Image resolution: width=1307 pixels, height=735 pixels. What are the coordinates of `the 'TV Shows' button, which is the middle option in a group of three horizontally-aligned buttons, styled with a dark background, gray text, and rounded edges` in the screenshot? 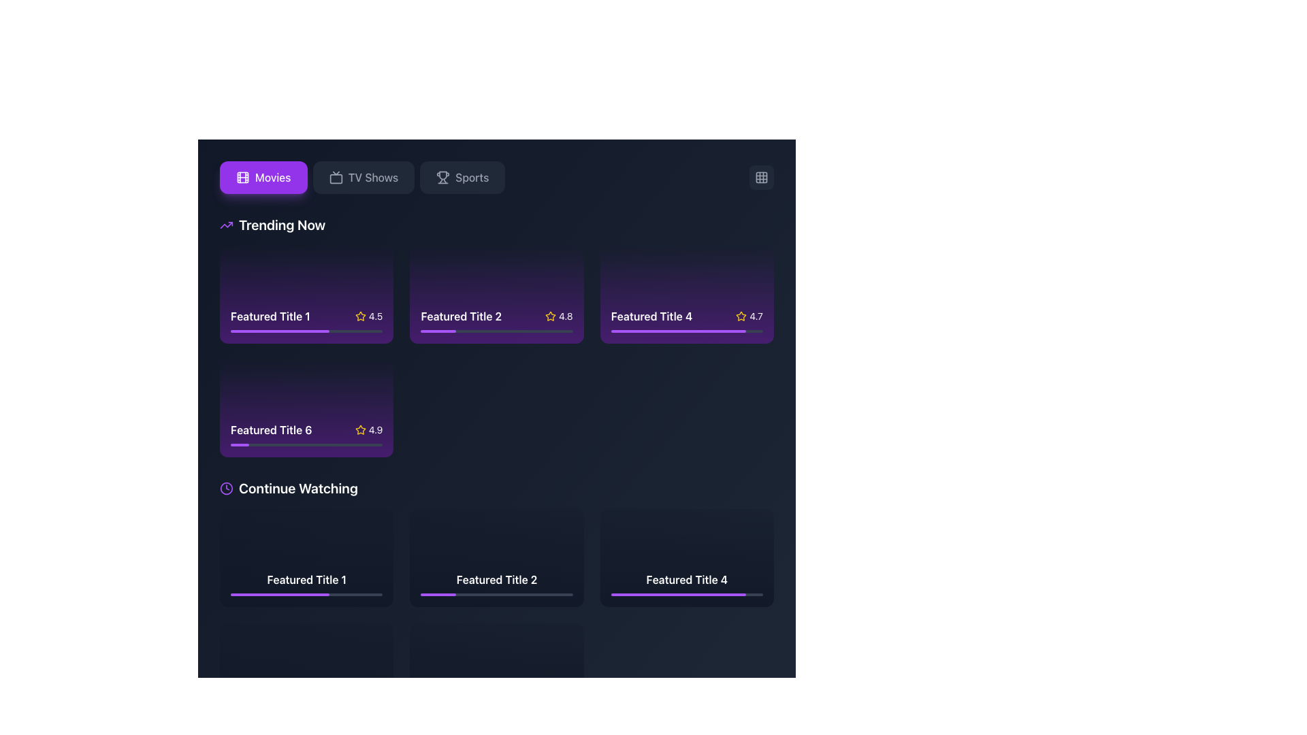 It's located at (364, 177).